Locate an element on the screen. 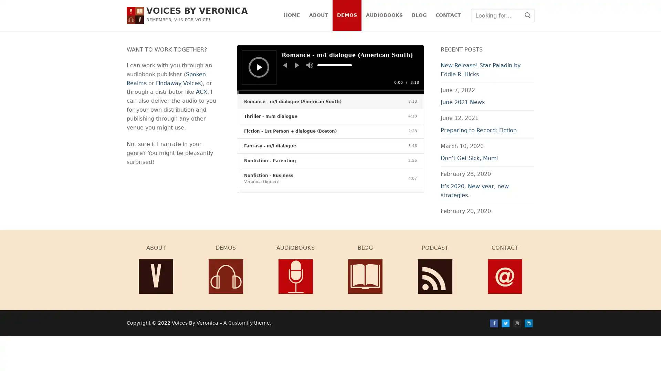 The height and width of the screenshot is (371, 661). Next Track is located at coordinates (297, 65).